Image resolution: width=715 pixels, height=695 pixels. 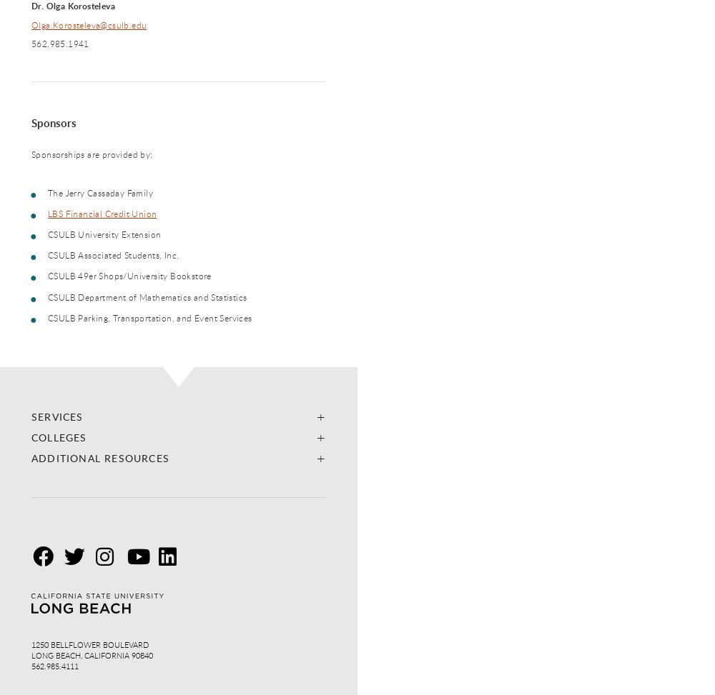 I want to click on 'LBS Financial Credit Union', so click(x=102, y=213).